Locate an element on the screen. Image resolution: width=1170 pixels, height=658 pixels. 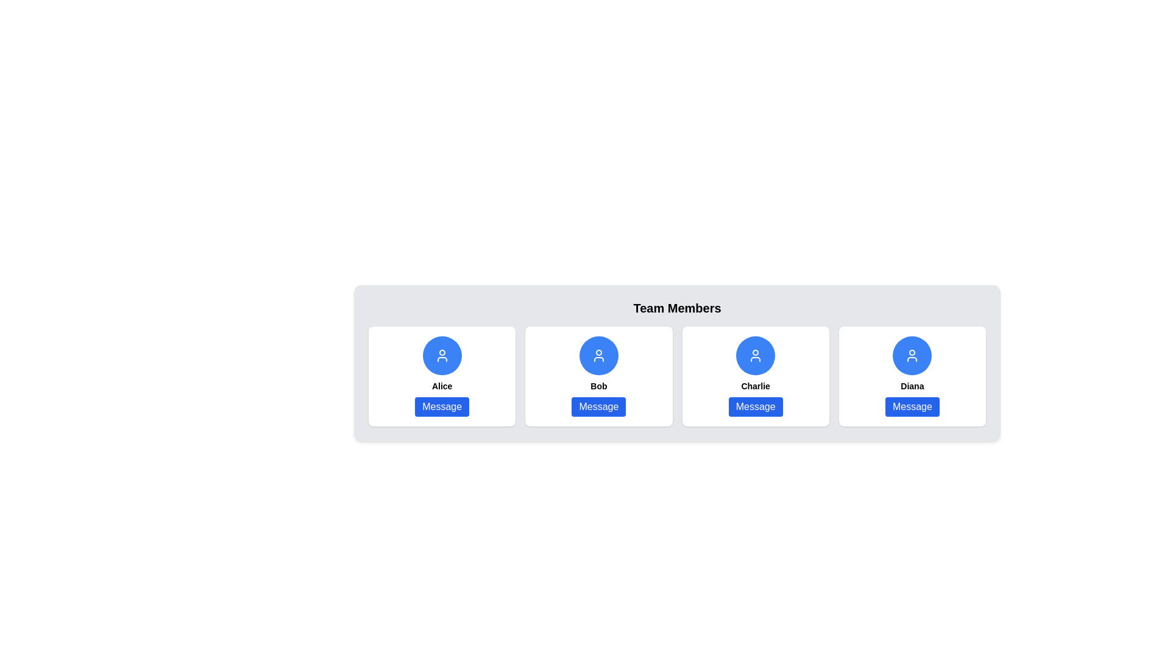
the static text label identifying 'Charlie' located above the 'Message' button and below the circular avatar in the third card of the horizontally aligned list is located at coordinates (755, 386).